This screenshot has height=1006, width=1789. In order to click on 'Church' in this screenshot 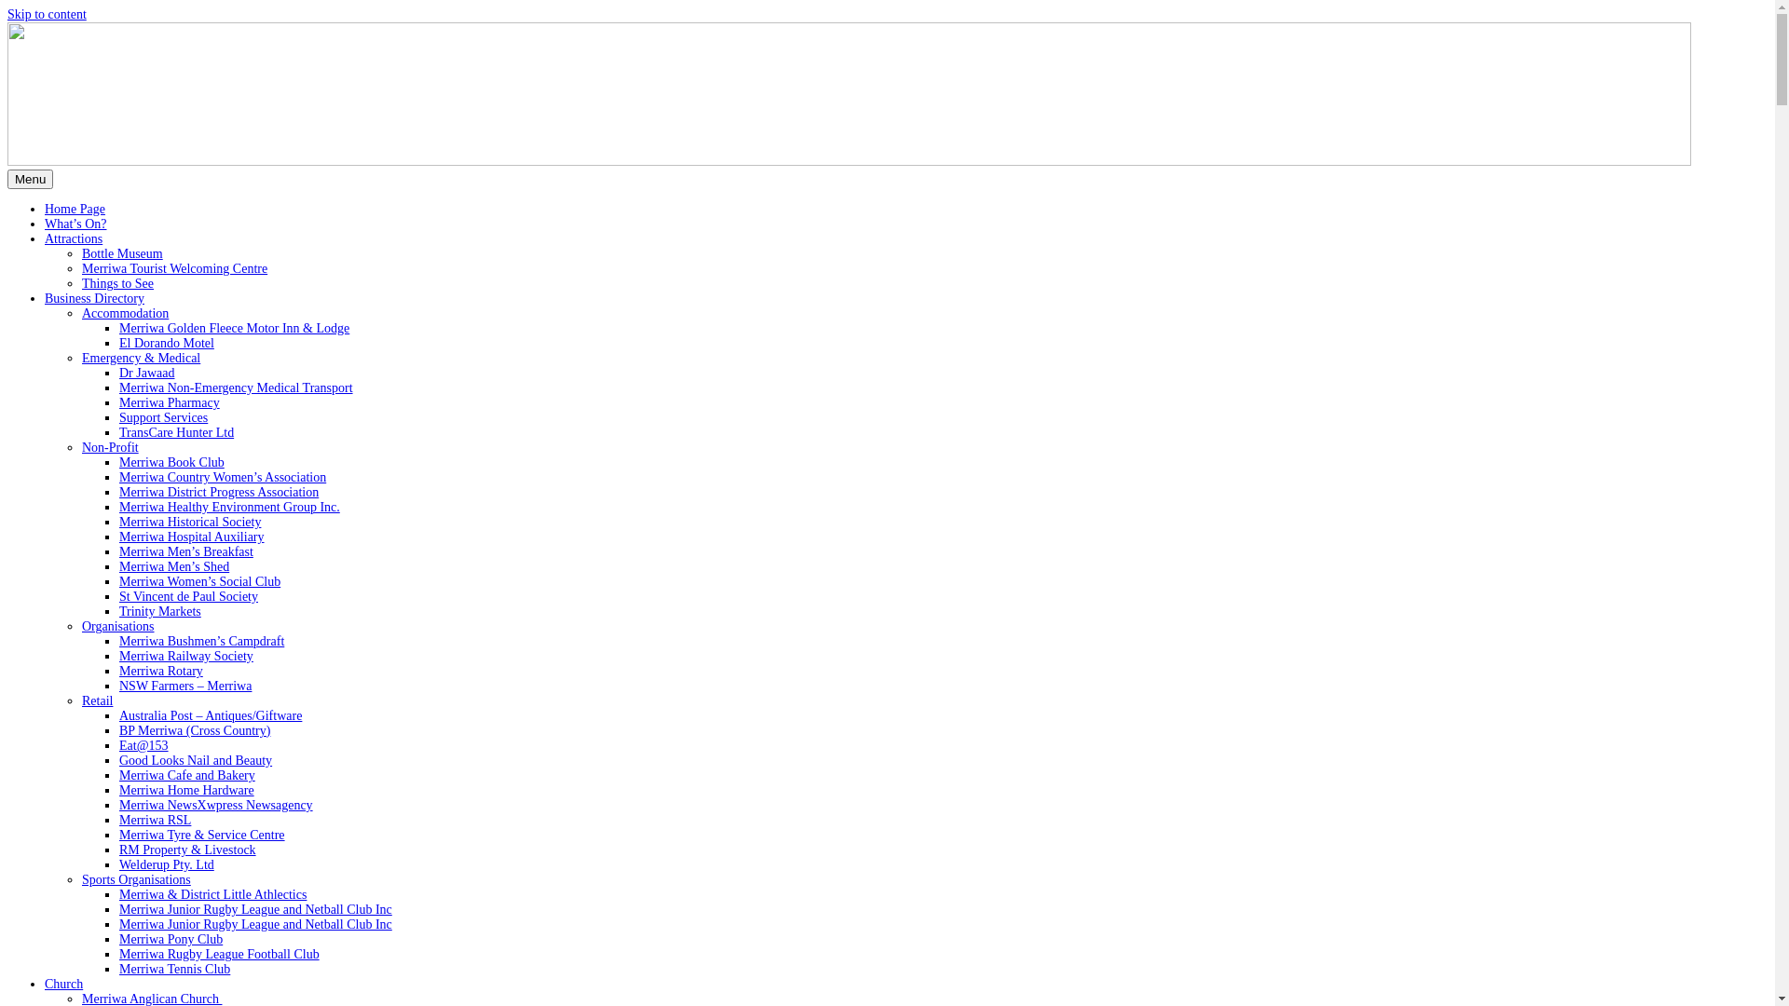, I will do `click(63, 983)`.